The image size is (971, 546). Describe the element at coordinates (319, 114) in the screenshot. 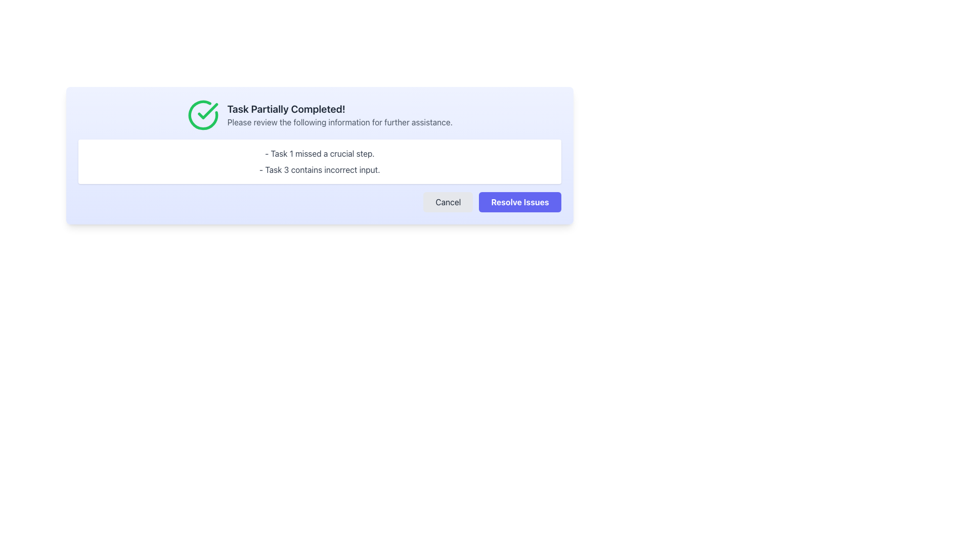

I see `the Informational Message that indicates 'Task Partially Completed!' with a green checkmark icon on the left` at that location.